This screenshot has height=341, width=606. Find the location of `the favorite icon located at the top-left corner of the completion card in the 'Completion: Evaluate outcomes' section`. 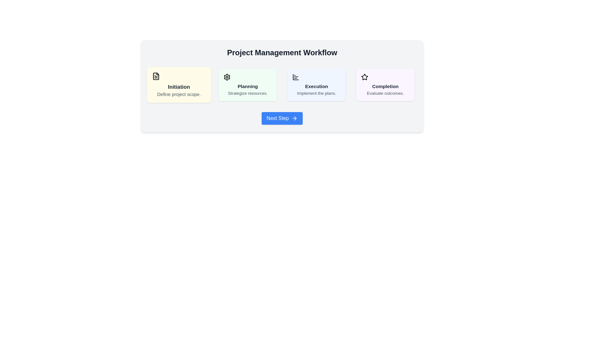

the favorite icon located at the top-left corner of the completion card in the 'Completion: Evaluate outcomes' section is located at coordinates (365, 77).